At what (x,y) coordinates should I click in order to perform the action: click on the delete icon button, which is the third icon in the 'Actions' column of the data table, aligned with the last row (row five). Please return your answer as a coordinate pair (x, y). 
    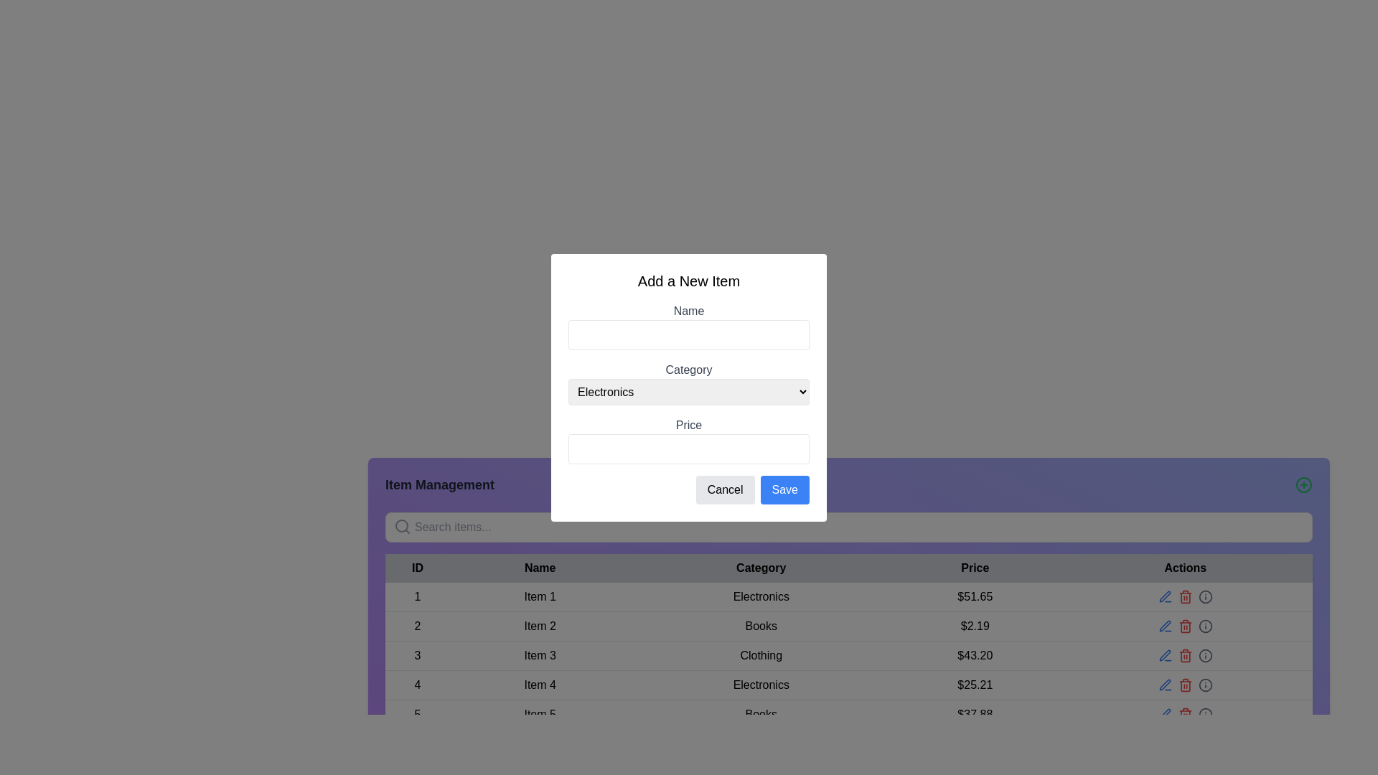
    Looking at the image, I should click on (1185, 714).